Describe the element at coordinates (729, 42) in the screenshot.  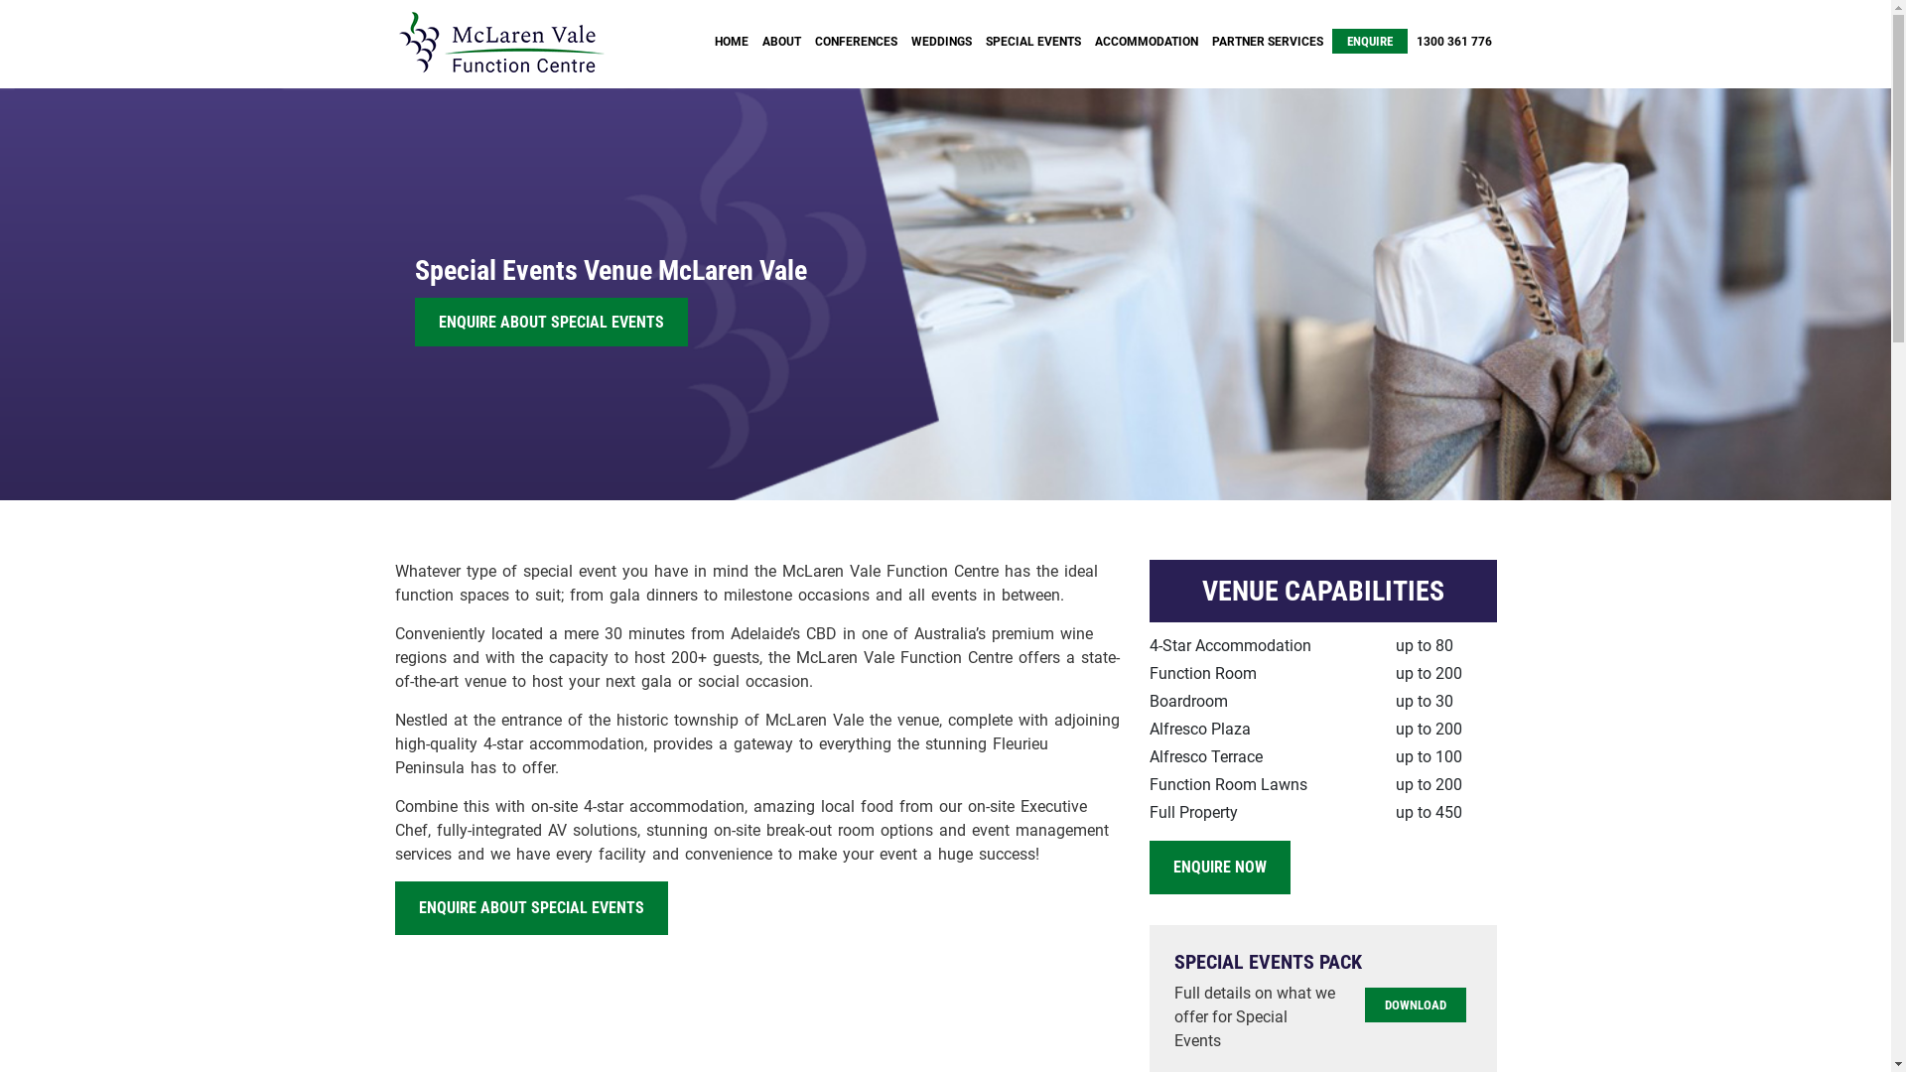
I see `'HOME'` at that location.